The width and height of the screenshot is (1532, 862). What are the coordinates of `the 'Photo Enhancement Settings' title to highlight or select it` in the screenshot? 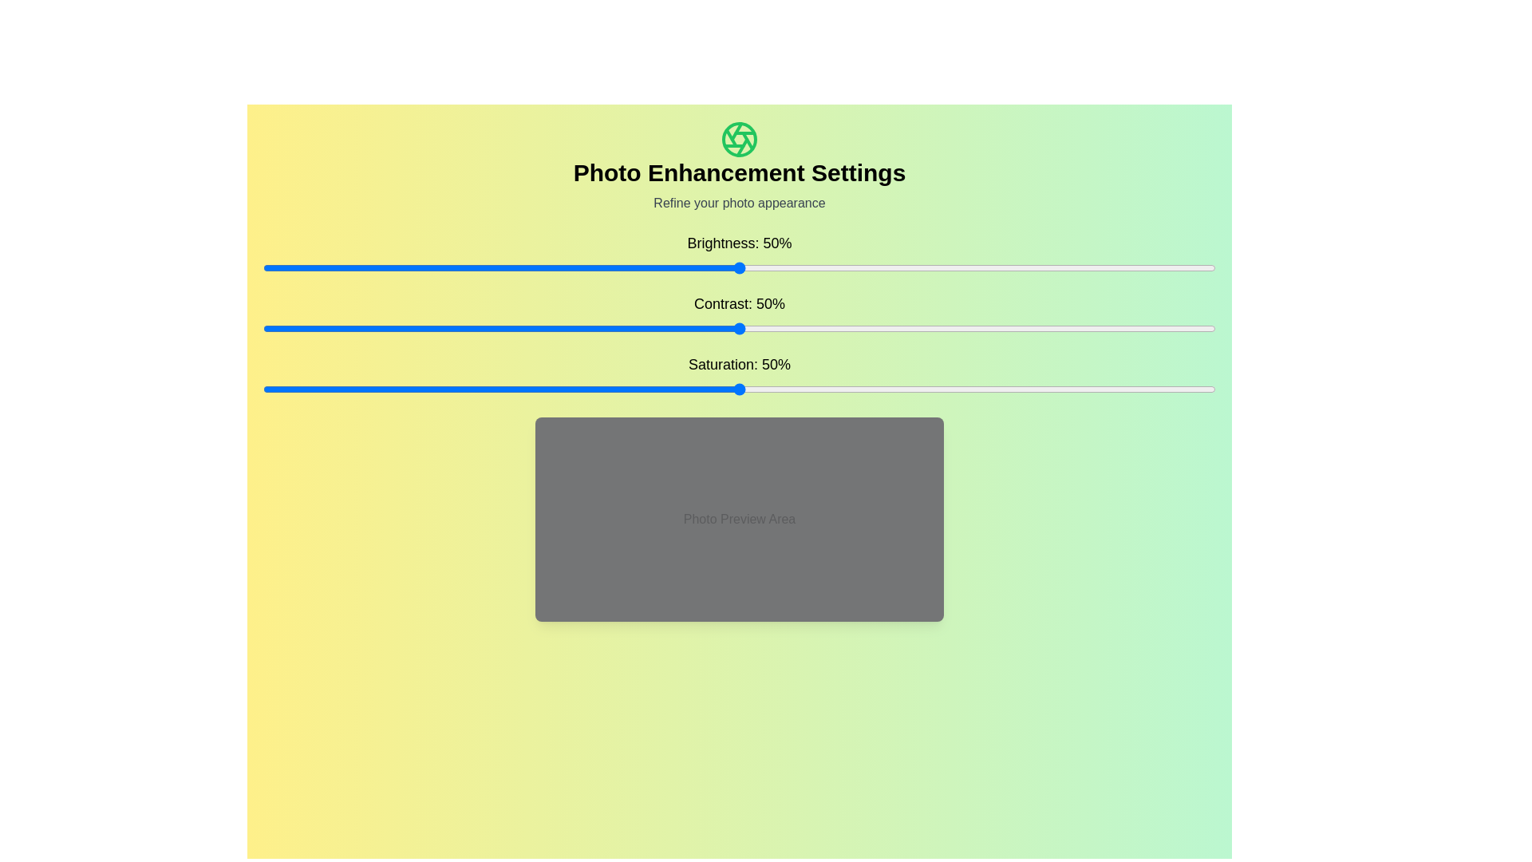 It's located at (738, 172).